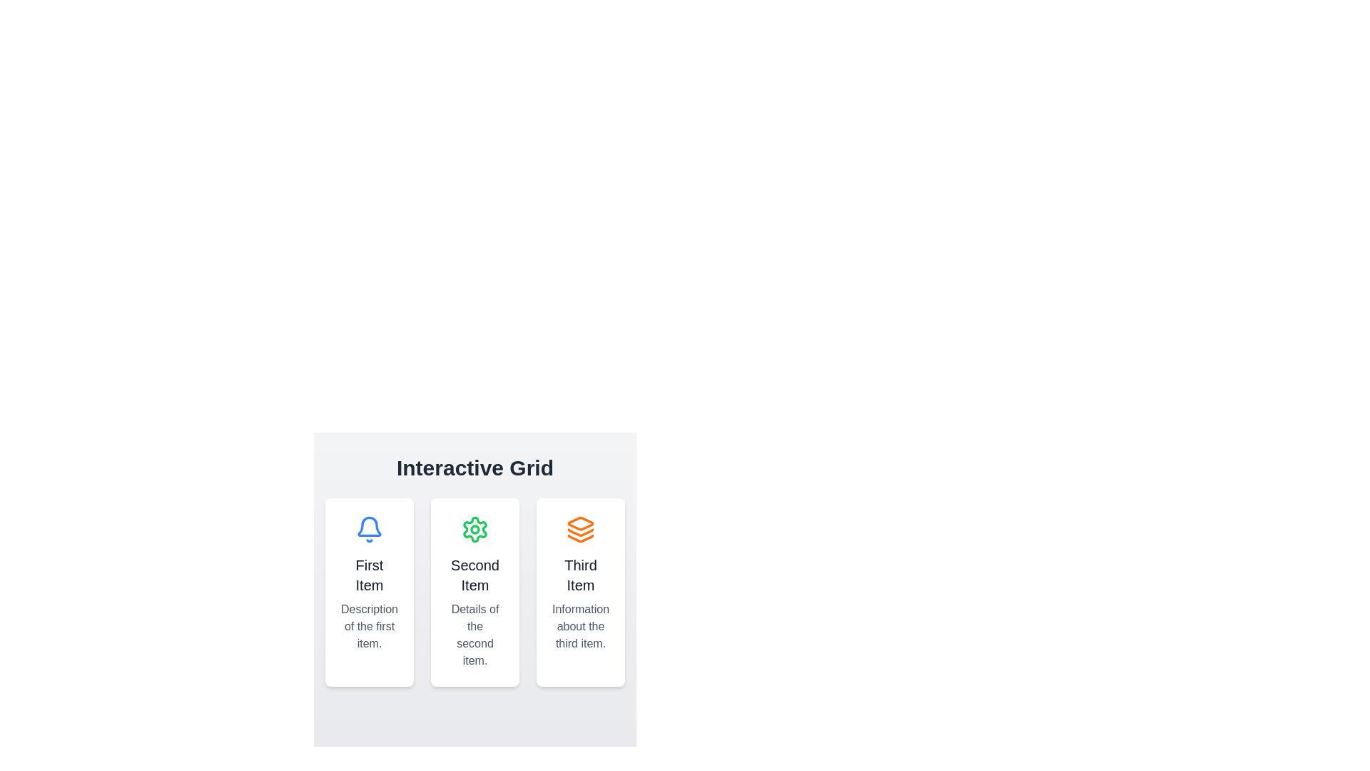 This screenshot has height=771, width=1370. What do you see at coordinates (475, 580) in the screenshot?
I see `the Informational card titled 'Second Item', which features a bright green gear icon and descriptive text, positioned centrally in the three-card grid layout` at bounding box center [475, 580].